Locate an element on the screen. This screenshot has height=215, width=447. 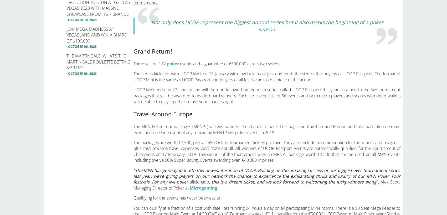
'Travel Around Europe' is located at coordinates (162, 114).